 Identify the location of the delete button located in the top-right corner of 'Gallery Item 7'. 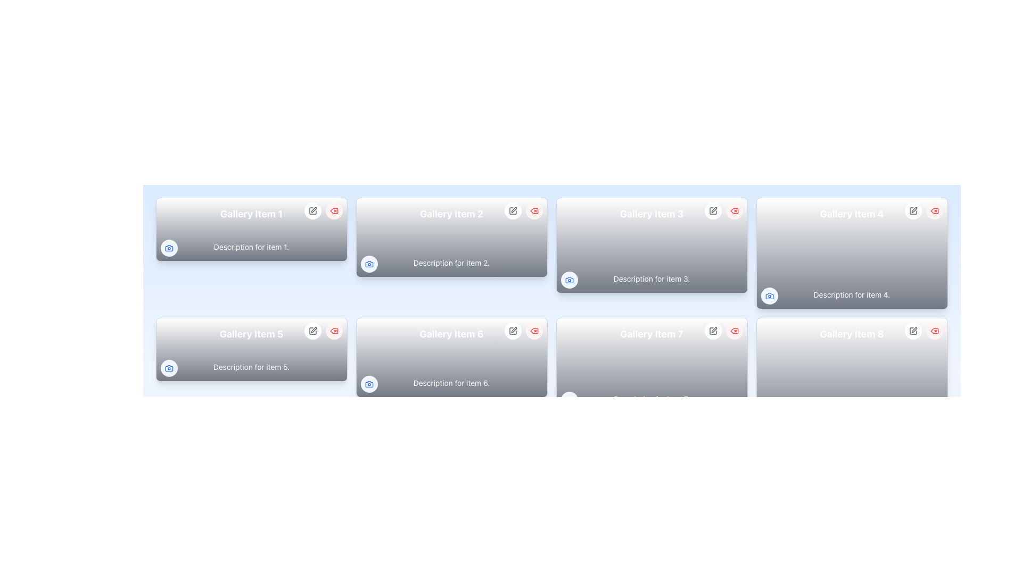
(733, 331).